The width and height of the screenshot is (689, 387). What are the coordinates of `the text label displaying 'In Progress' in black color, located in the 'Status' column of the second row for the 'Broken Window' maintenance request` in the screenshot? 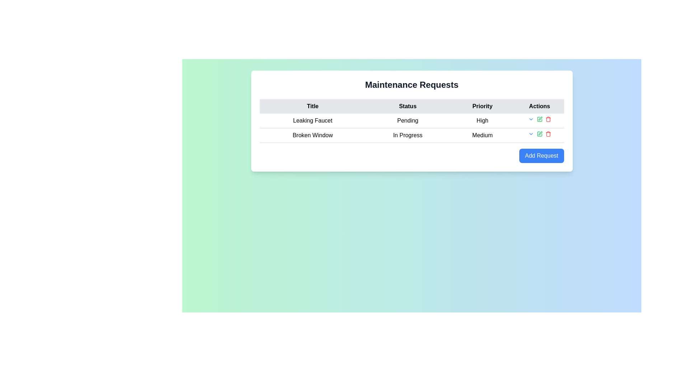 It's located at (408, 135).